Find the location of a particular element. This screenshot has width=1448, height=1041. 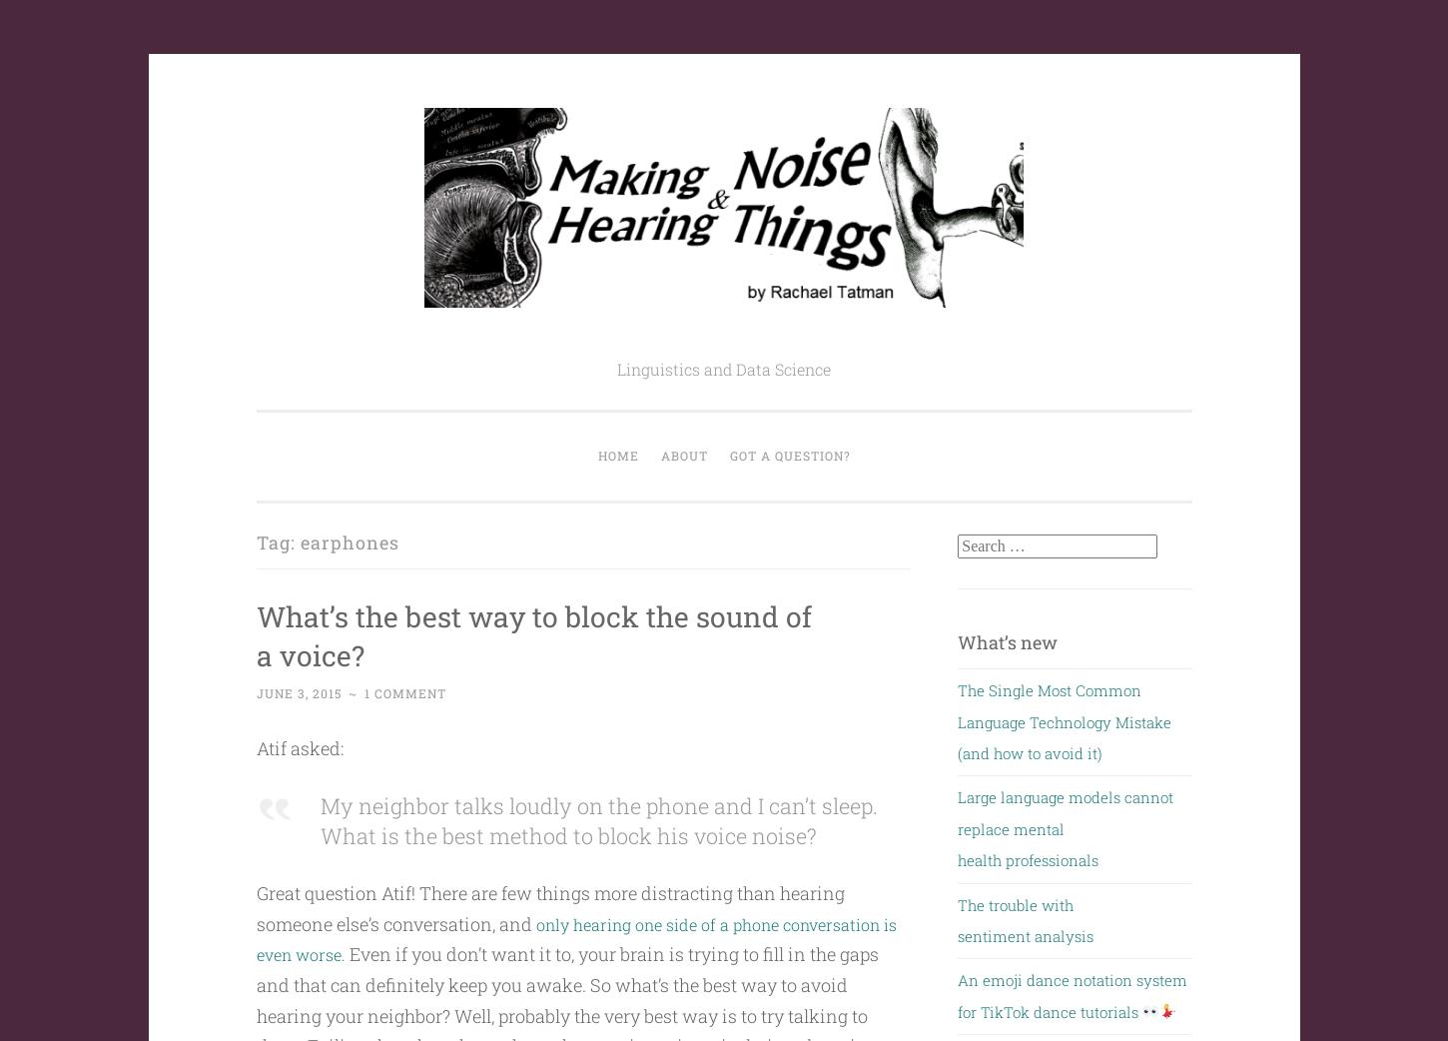

'My neighbor talks loudly on the phone and I can’t sleep. What is the best method to block his voice noise?' is located at coordinates (597, 819).